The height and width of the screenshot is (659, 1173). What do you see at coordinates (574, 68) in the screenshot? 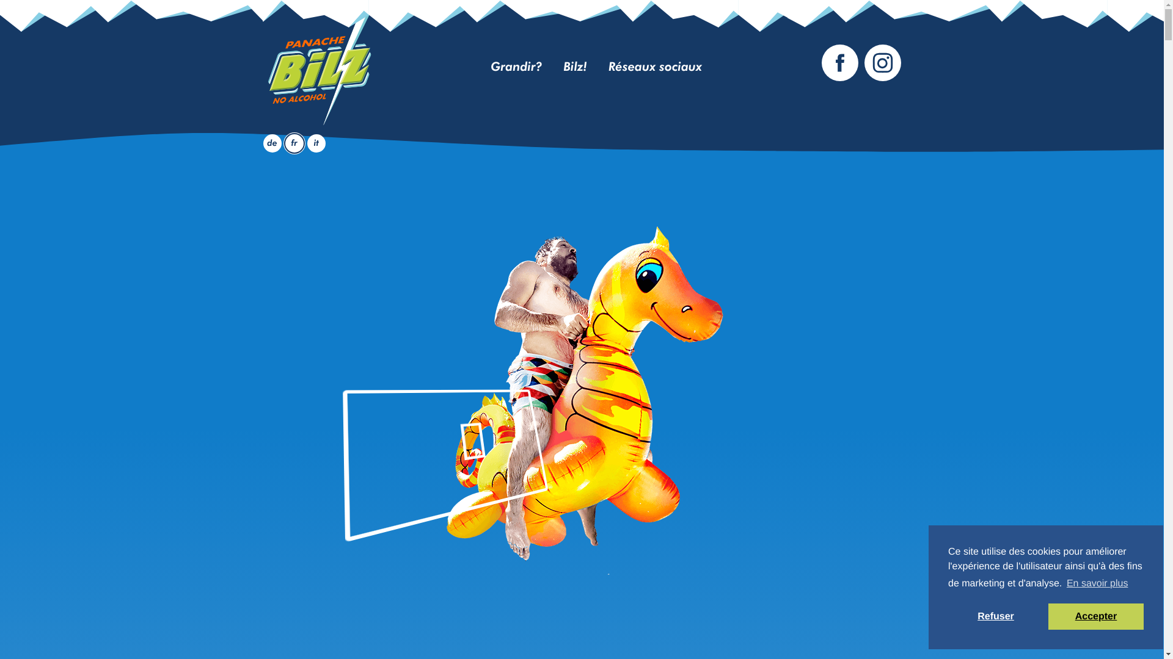
I see `'Bilz!'` at bounding box center [574, 68].